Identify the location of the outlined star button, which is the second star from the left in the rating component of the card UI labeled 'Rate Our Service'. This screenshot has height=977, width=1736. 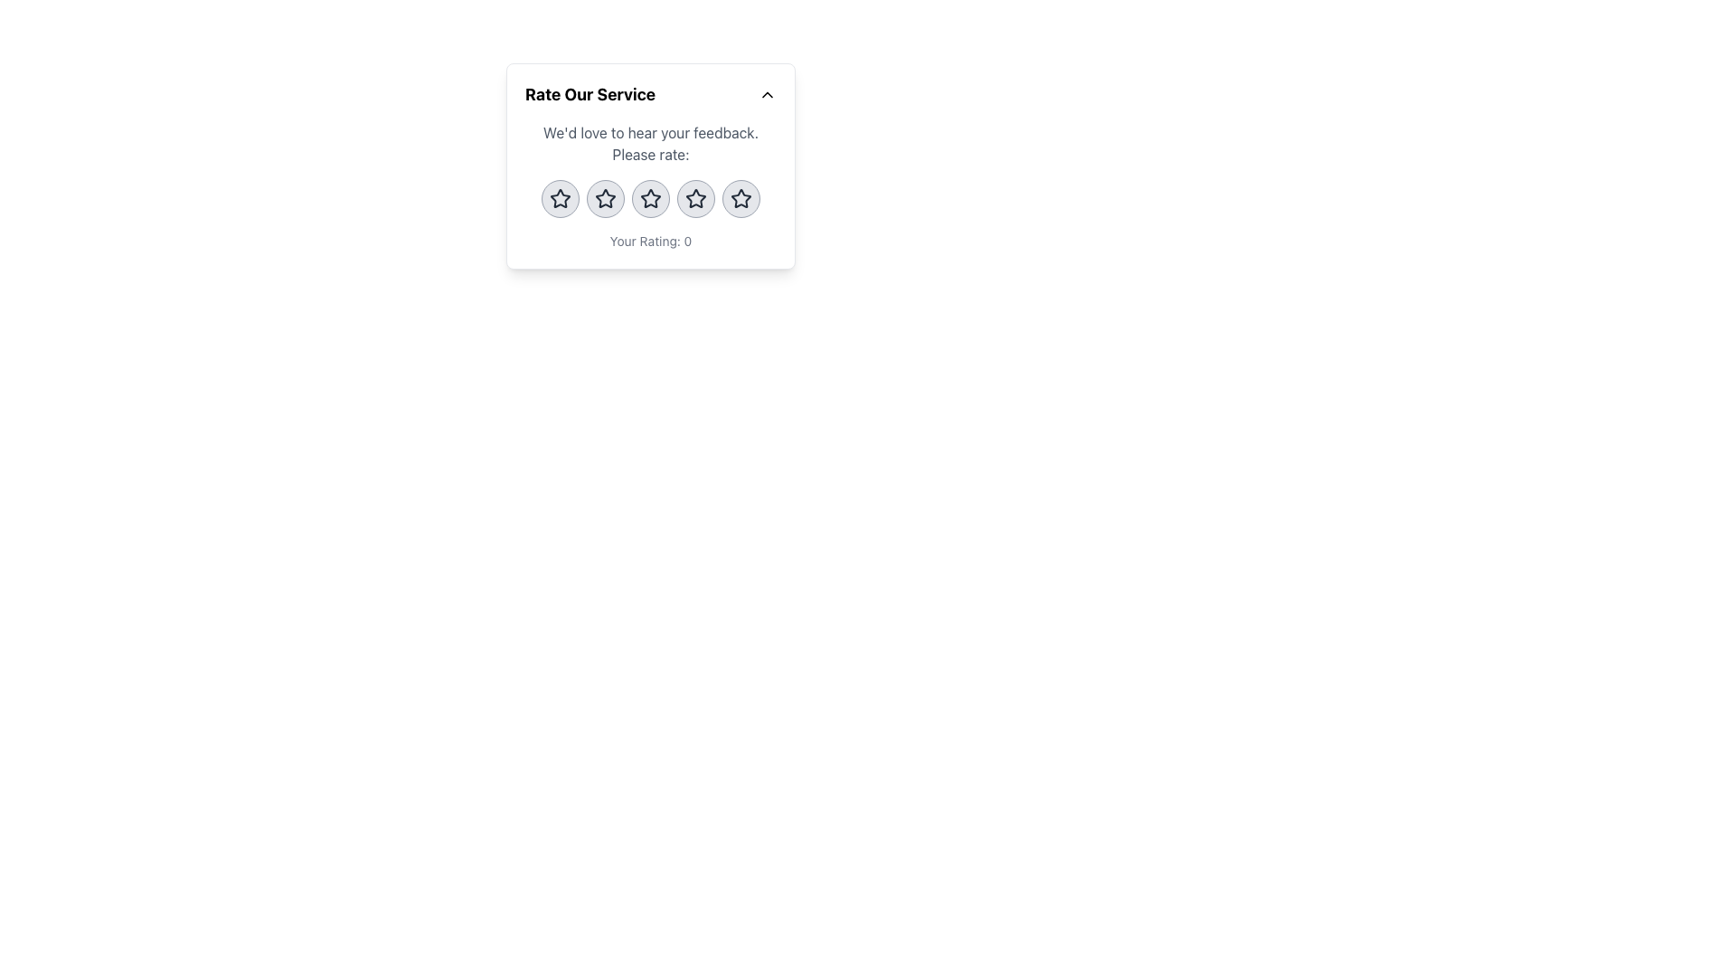
(606, 198).